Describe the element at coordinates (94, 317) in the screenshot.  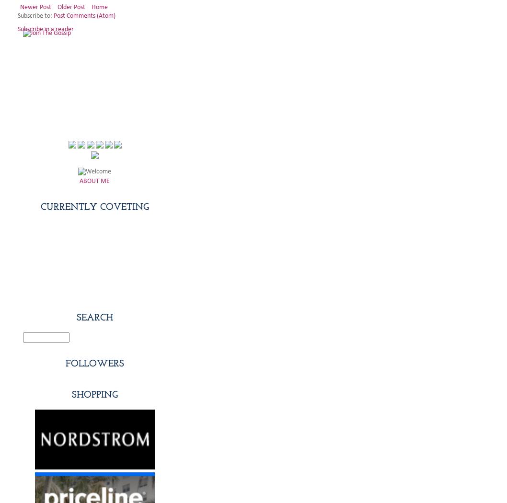
I see `'Search'` at that location.